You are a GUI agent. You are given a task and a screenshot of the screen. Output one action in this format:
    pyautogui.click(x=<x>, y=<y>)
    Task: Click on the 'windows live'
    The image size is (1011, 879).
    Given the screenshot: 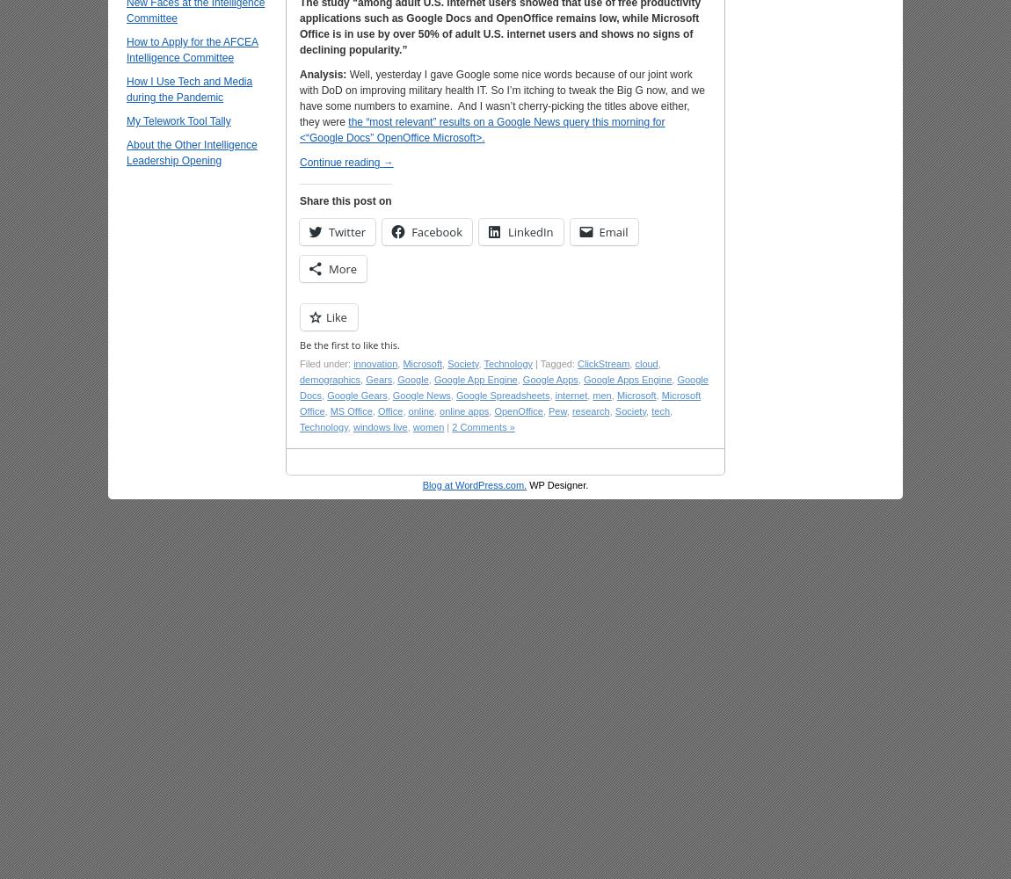 What is the action you would take?
    pyautogui.click(x=380, y=425)
    